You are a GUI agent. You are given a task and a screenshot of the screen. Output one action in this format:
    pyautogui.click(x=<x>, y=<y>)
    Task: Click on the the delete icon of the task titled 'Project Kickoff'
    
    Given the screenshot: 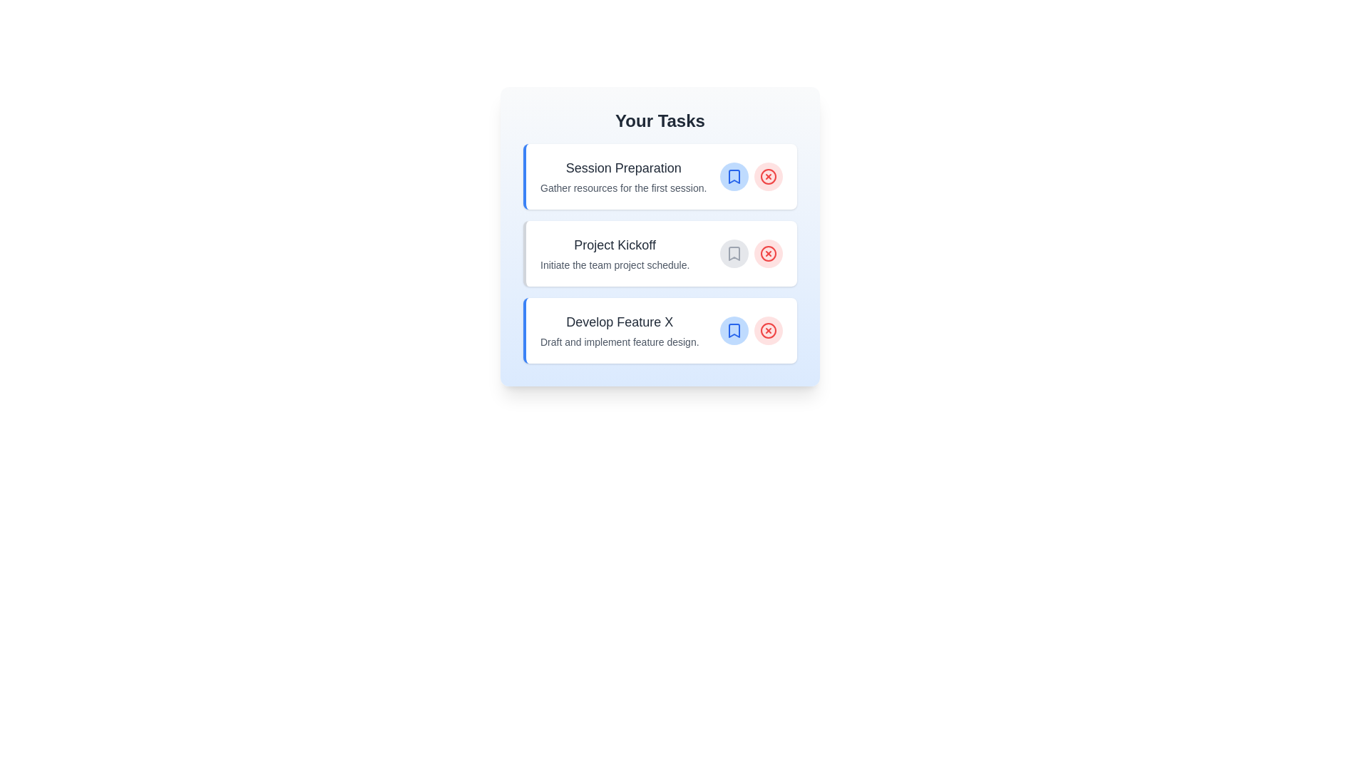 What is the action you would take?
    pyautogui.click(x=768, y=252)
    